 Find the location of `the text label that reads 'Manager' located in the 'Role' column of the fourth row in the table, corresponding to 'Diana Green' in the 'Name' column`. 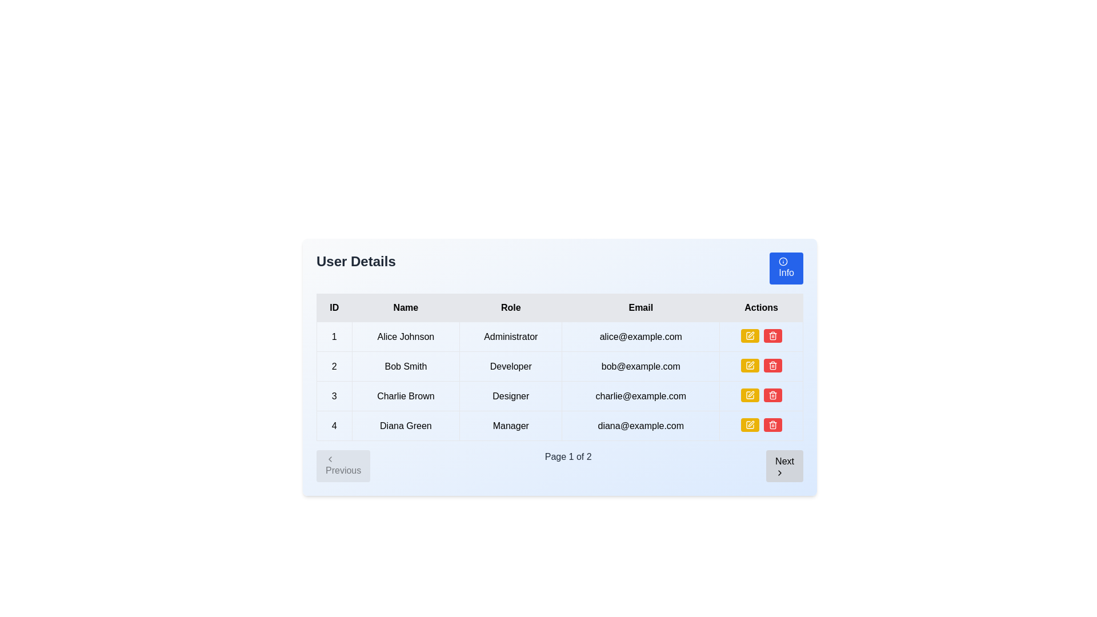

the text label that reads 'Manager' located in the 'Role' column of the fourth row in the table, corresponding to 'Diana Green' in the 'Name' column is located at coordinates (510, 426).